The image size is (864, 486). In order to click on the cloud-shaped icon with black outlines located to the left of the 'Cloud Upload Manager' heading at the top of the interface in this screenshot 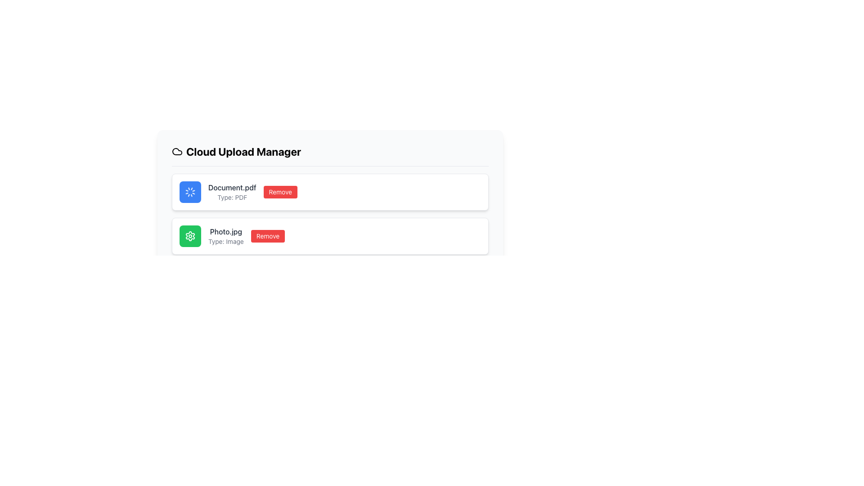, I will do `click(177, 151)`.